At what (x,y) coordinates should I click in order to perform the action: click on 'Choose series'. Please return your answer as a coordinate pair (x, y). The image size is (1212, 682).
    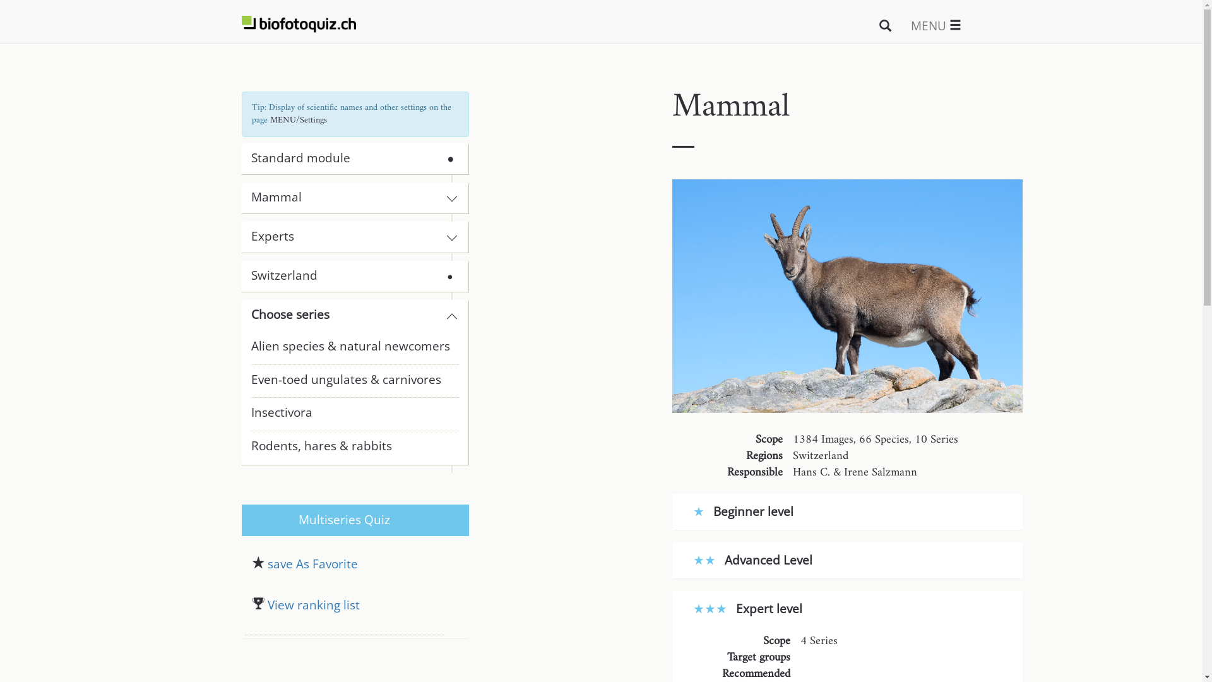
    Looking at the image, I should click on (345, 313).